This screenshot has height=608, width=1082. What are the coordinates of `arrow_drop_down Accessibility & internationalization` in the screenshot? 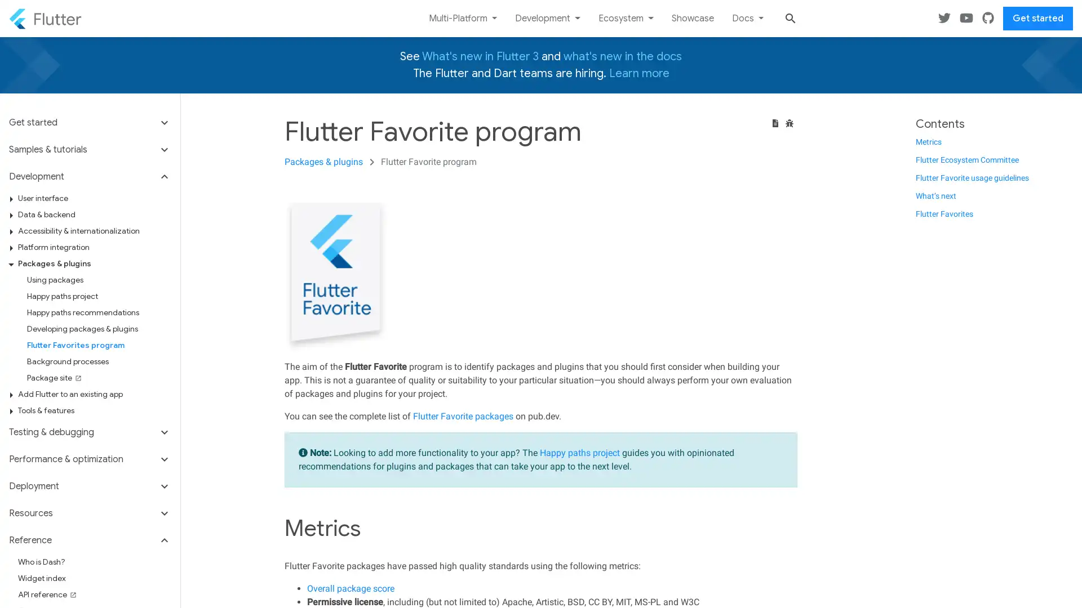 It's located at (94, 230).